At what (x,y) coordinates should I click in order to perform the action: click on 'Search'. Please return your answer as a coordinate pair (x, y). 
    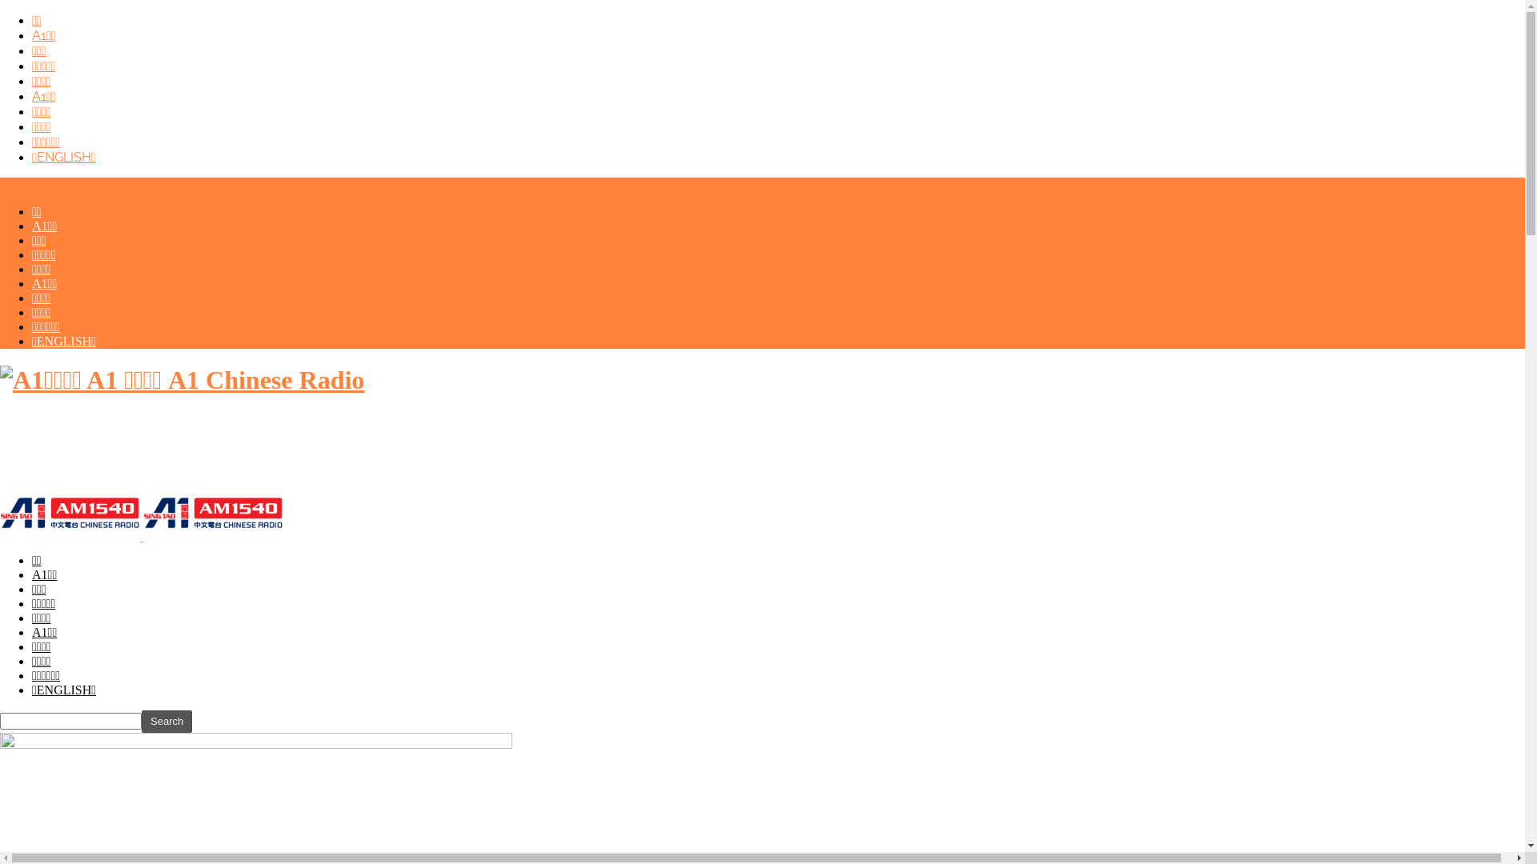
    Looking at the image, I should click on (167, 722).